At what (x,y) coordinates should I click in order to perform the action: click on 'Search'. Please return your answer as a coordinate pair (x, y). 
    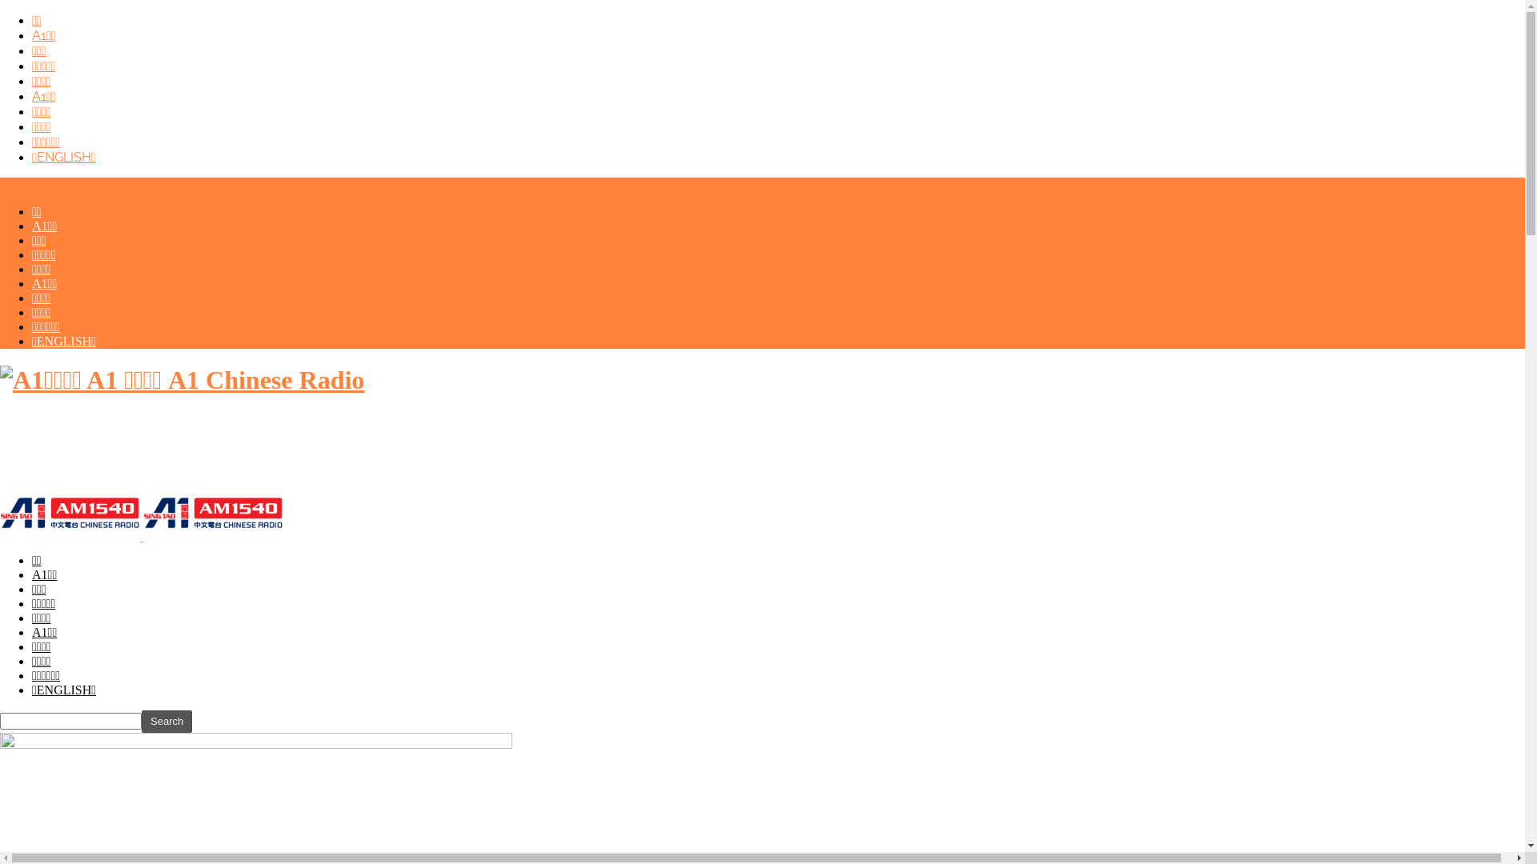
    Looking at the image, I should click on (167, 722).